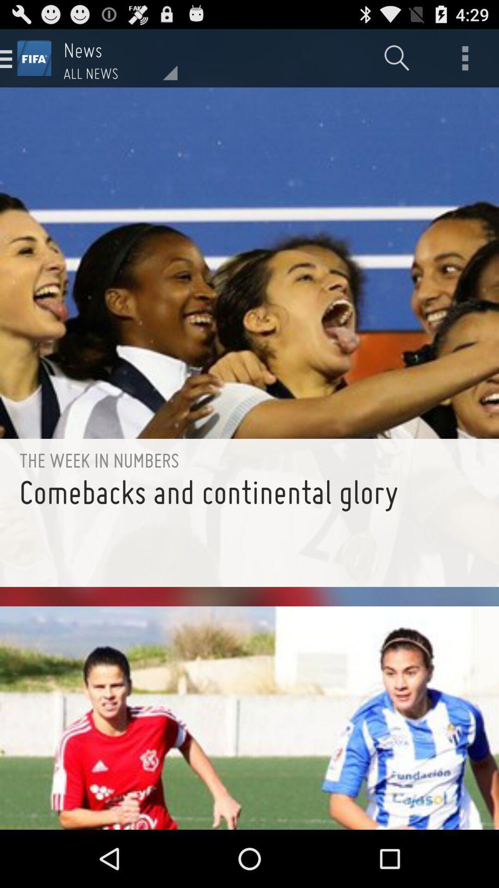 Image resolution: width=499 pixels, height=888 pixels. Describe the element at coordinates (396, 57) in the screenshot. I see `item next to the all news item` at that location.